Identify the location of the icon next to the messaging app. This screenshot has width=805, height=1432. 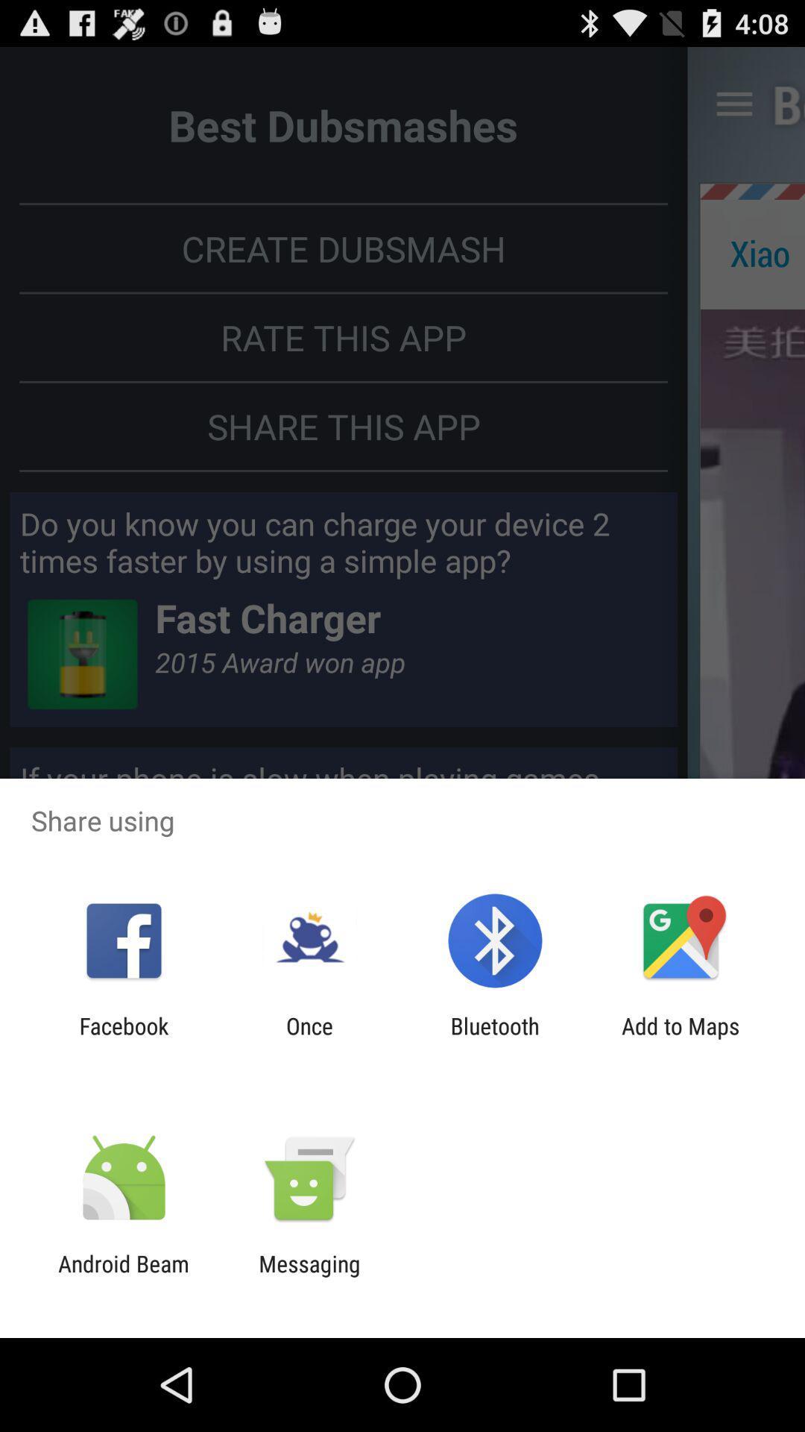
(123, 1276).